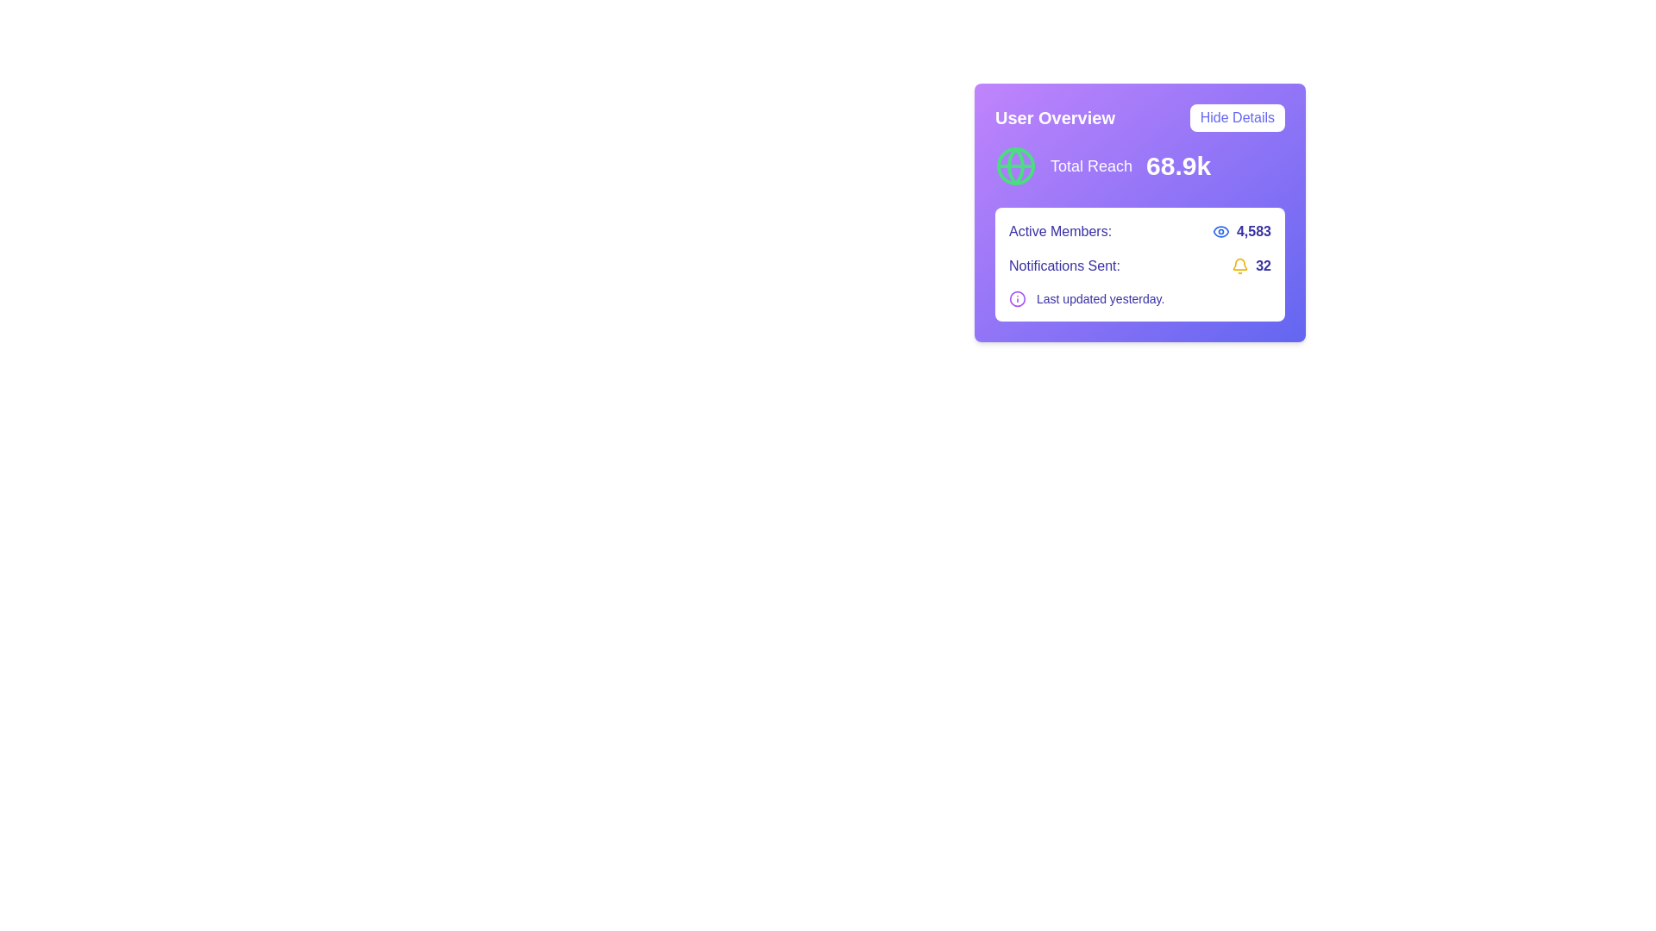 Image resolution: width=1656 pixels, height=931 pixels. I want to click on the static text label displaying the number '4,583' in bold, dark blue color, located to the right of the blue eye icon within the 'Active Members:' row of a summary card, so click(1254, 231).